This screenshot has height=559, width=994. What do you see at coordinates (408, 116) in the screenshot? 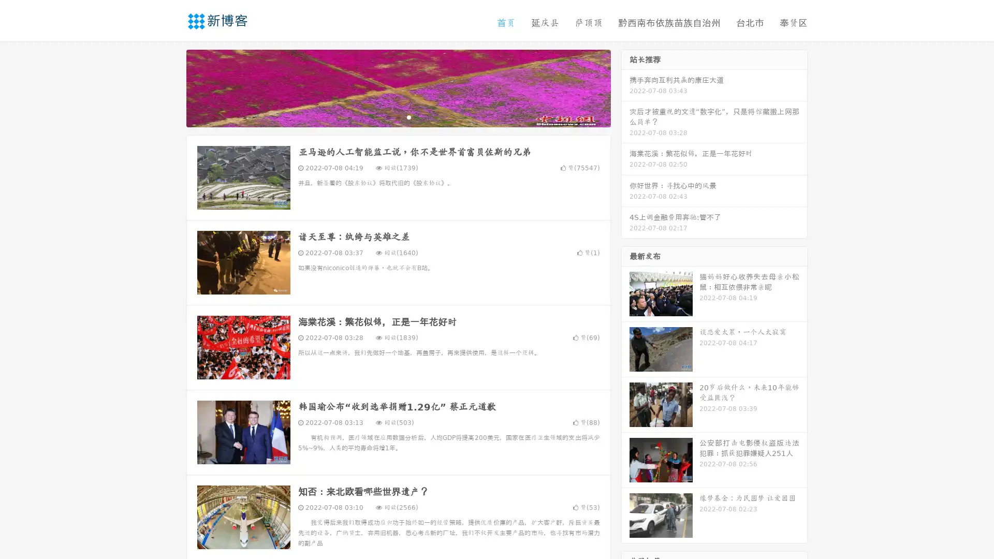
I see `Go to slide 3` at bounding box center [408, 116].